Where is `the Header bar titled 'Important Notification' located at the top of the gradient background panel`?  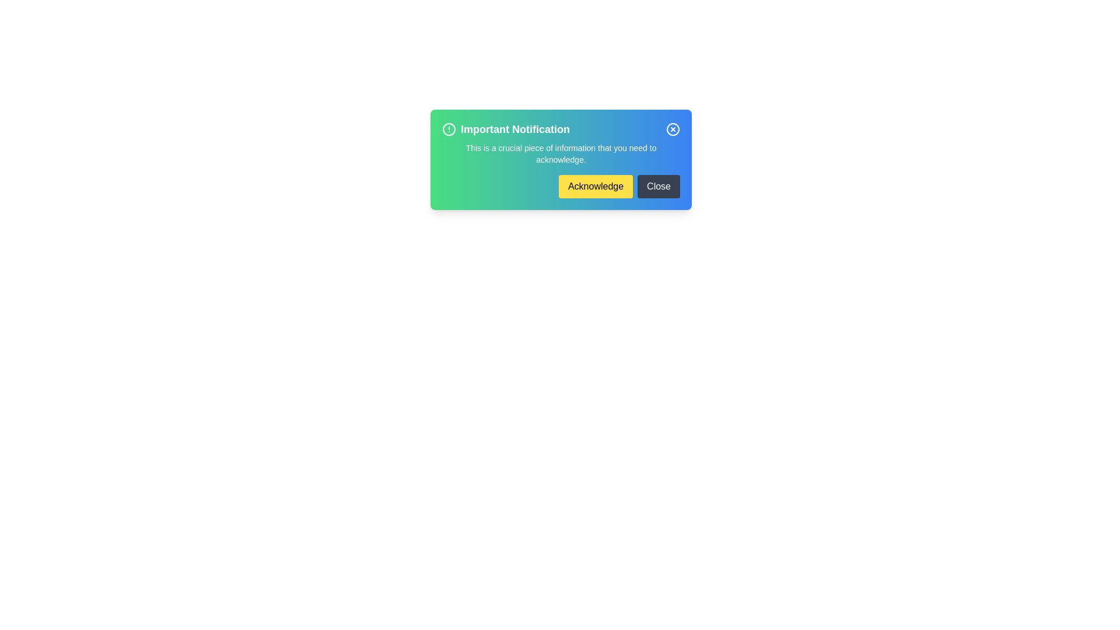
the Header bar titled 'Important Notification' located at the top of the gradient background panel is located at coordinates (561, 129).